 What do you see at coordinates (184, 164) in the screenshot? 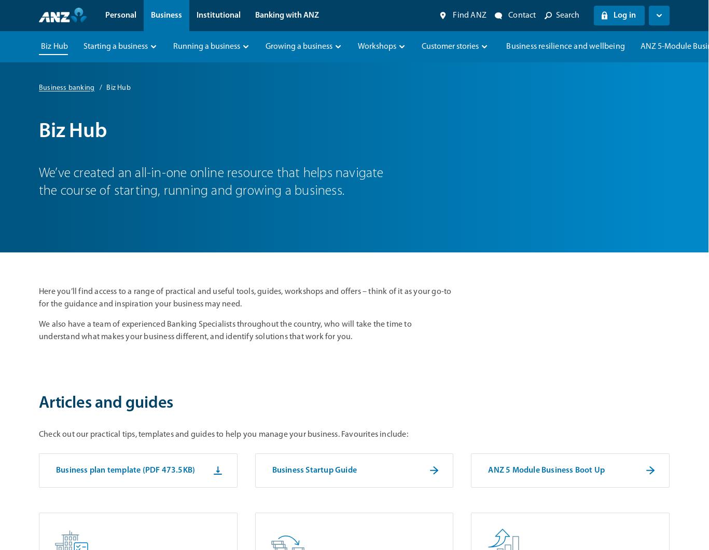
I see `'Tools and calculators'` at bounding box center [184, 164].